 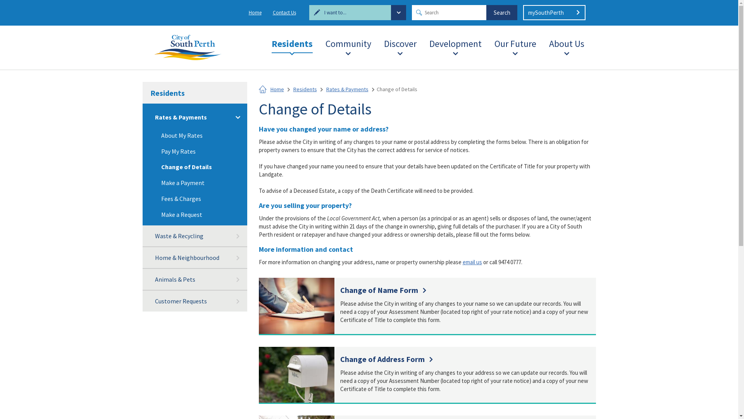 I want to click on 'Search', so click(x=502, y=12).